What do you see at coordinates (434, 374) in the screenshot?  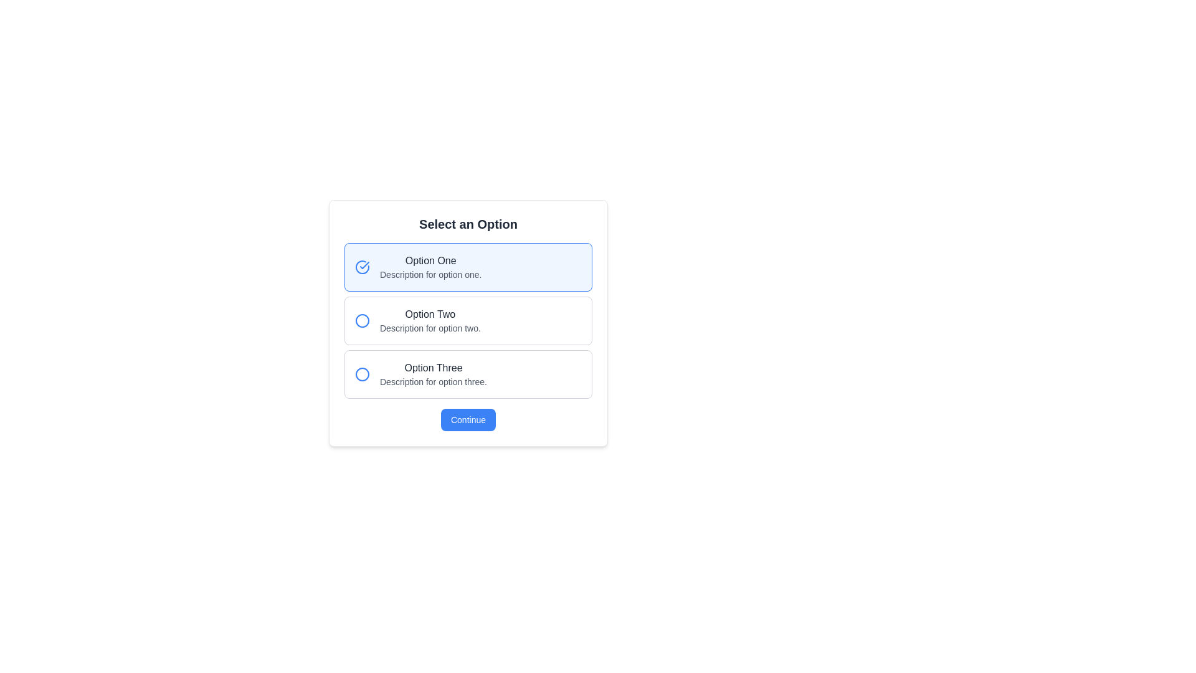 I see `the list item containing the text 'Option Three' with a description 'Description for option three.' located at the bottom of the selection list` at bounding box center [434, 374].